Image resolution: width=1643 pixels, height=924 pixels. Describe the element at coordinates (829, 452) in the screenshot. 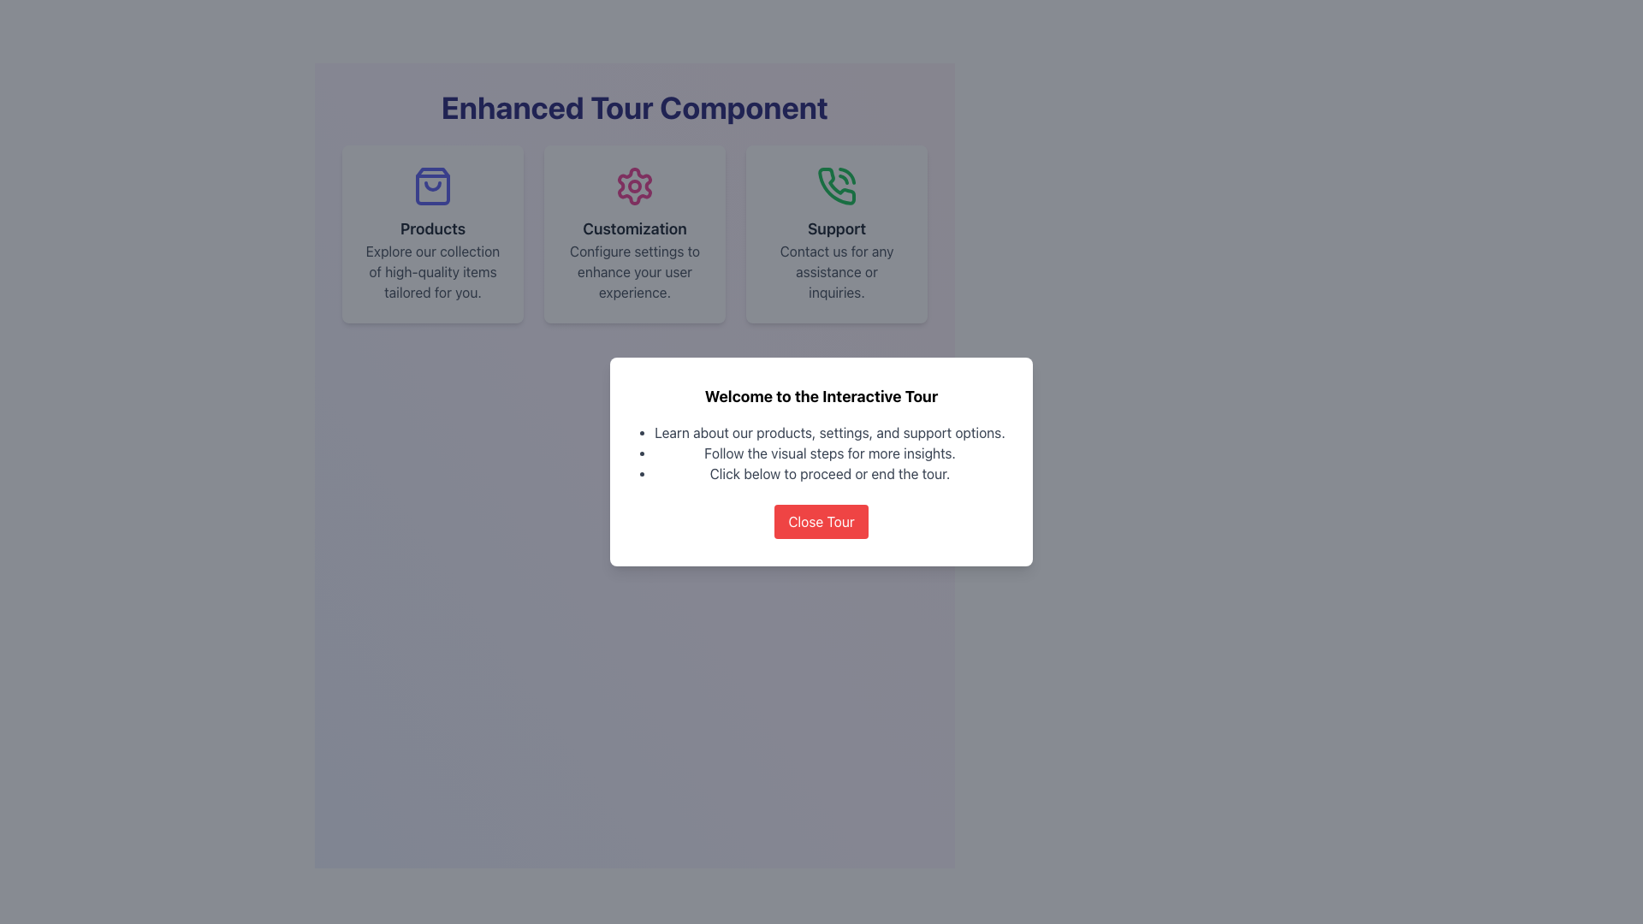

I see `the second item in a bulleted list within a white panel that provides informational guidance to the user` at that location.